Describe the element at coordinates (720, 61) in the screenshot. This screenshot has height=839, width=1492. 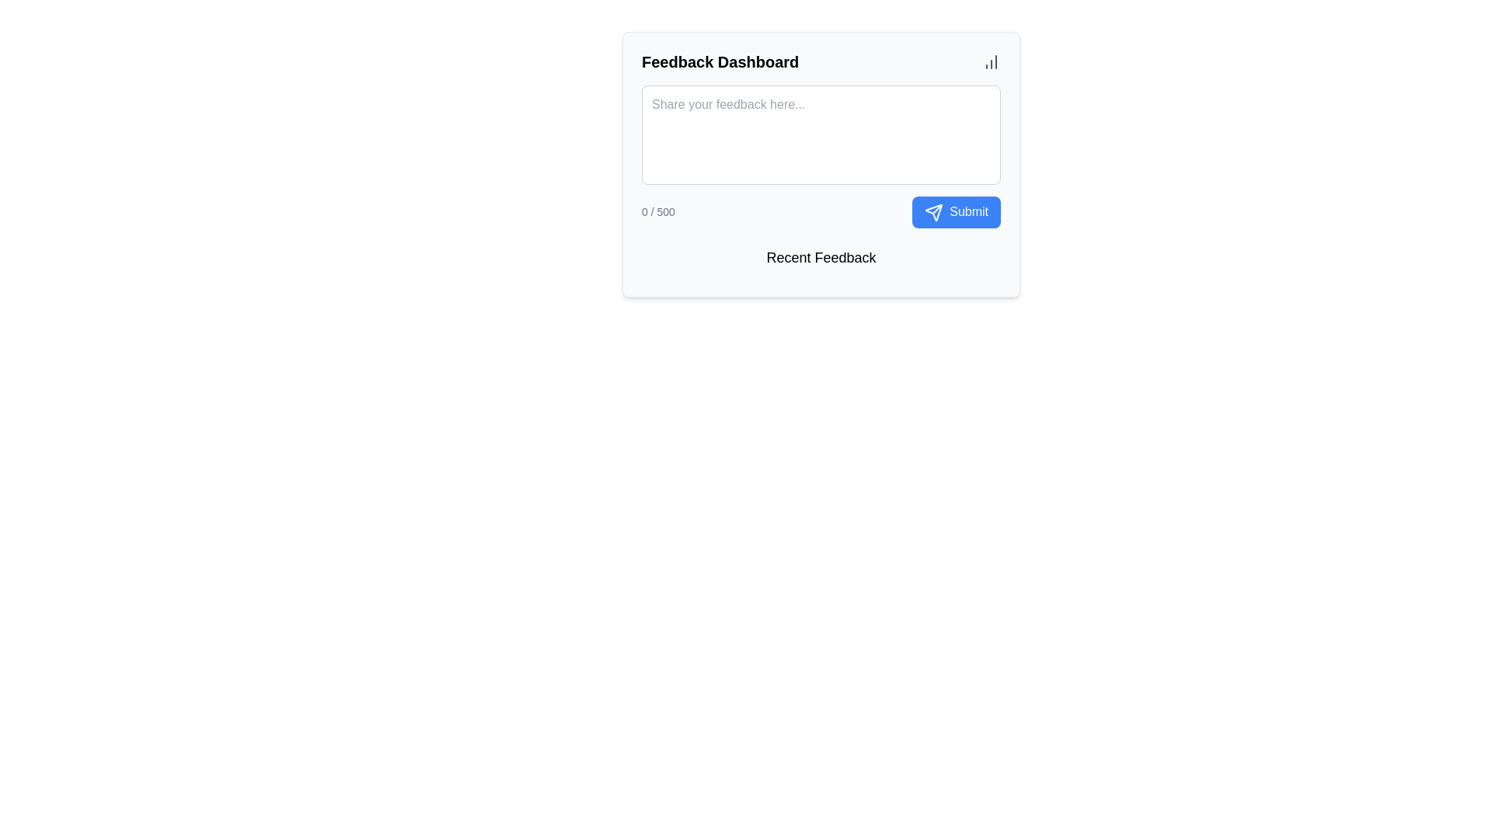
I see `the 'Feedback Dashboard' text label displayed in bold within the header section of the UI` at that location.